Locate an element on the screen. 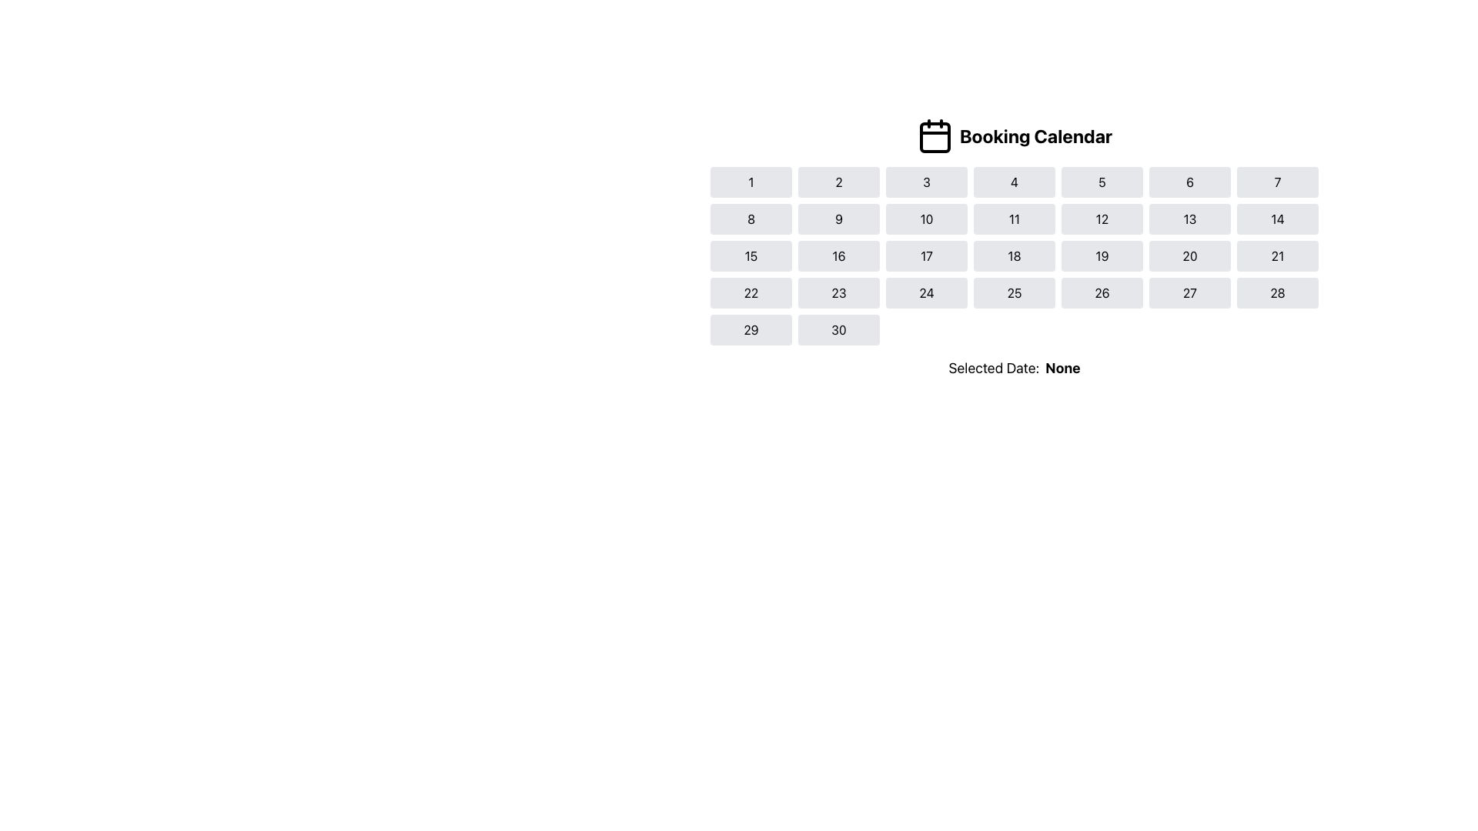 Image resolution: width=1478 pixels, height=831 pixels. the rectangular button with rounded corners labeled '21' in black text, located in the third row and last column of the grid is located at coordinates (1278, 255).